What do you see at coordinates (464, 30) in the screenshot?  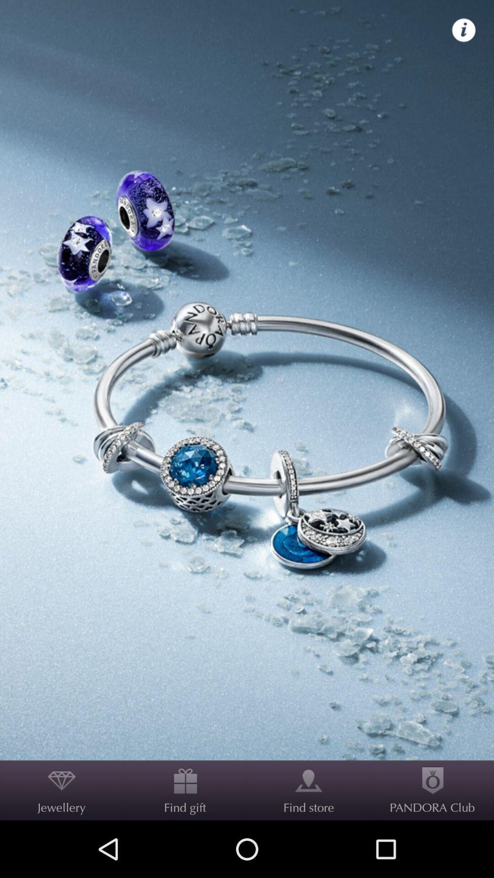 I see `icon` at bounding box center [464, 30].